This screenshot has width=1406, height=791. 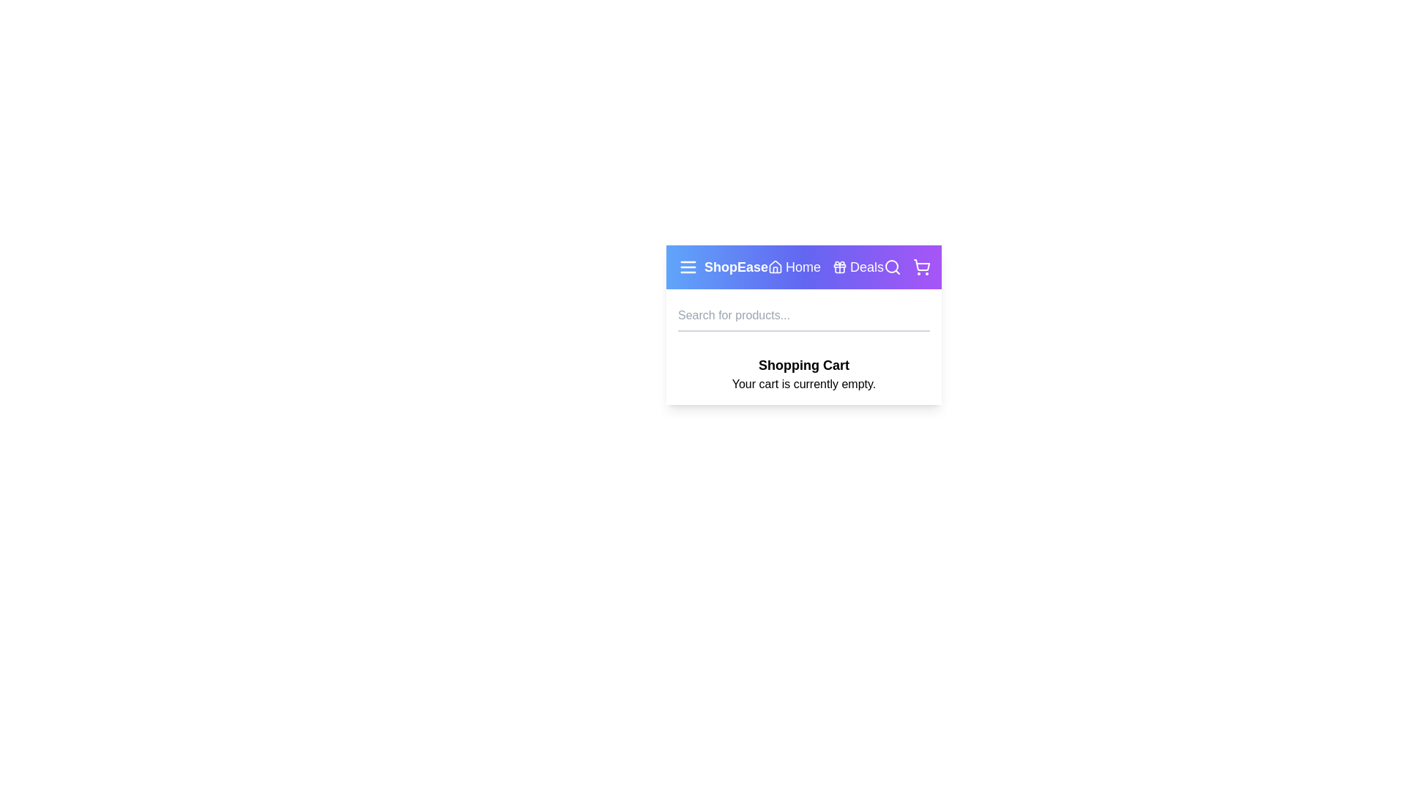 What do you see at coordinates (803, 383) in the screenshot?
I see `the text 'Your cart is currently empty' to select it` at bounding box center [803, 383].